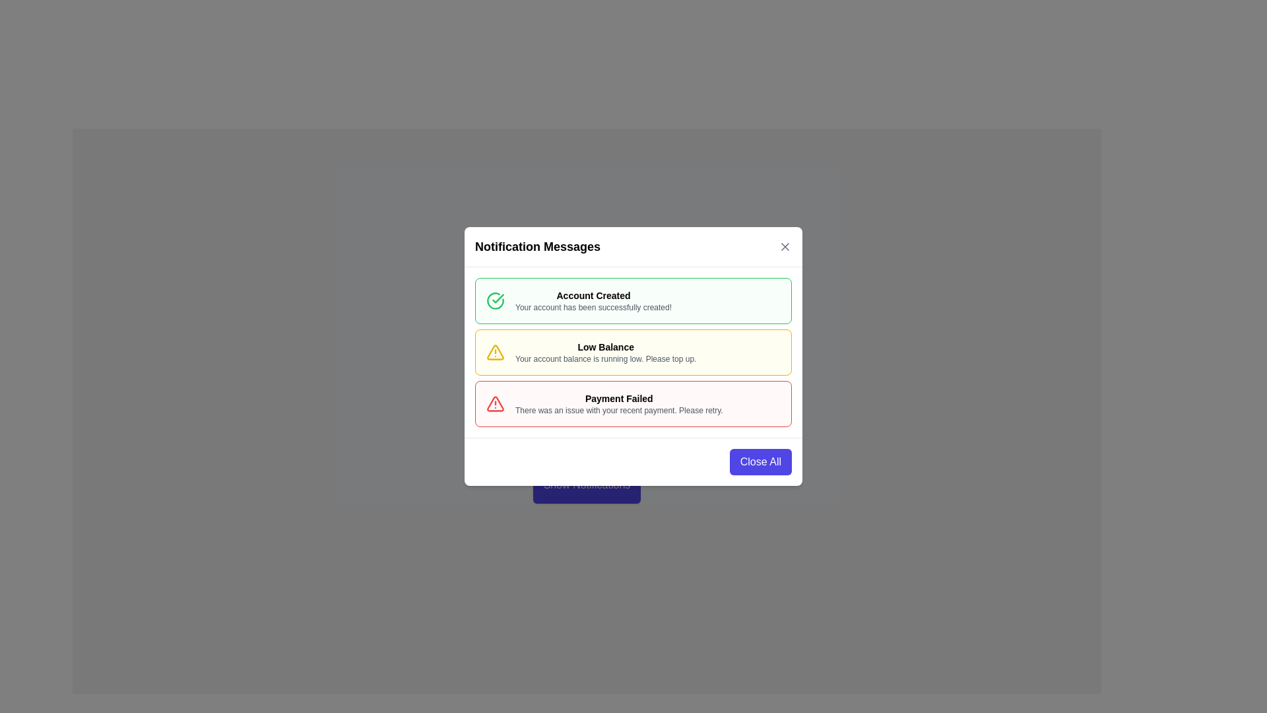 The width and height of the screenshot is (1267, 713). I want to click on the Notification card that displays a low account balance alert, which is the second notification in the vertical list within the modal dialog box, so click(633, 351).